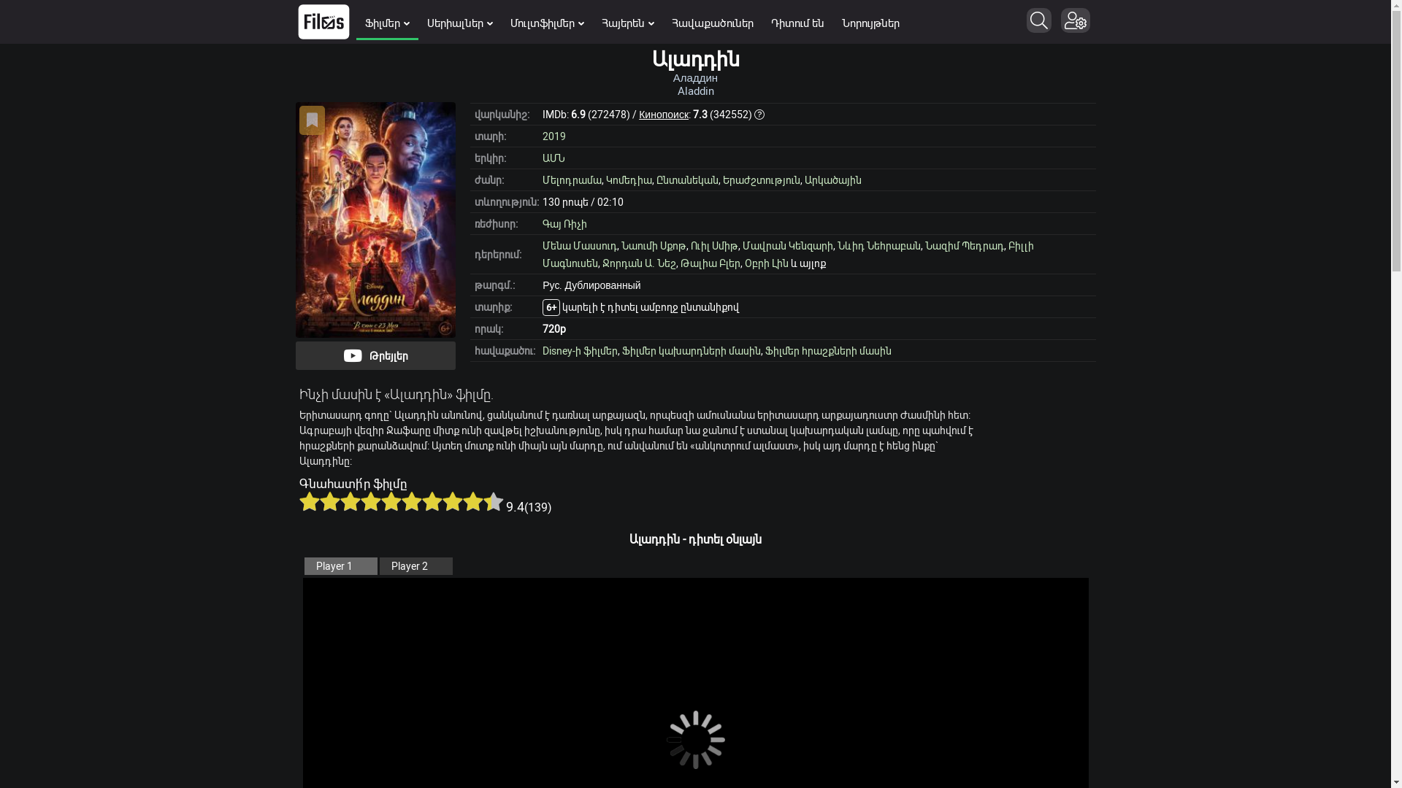  I want to click on '8', so click(441, 500).